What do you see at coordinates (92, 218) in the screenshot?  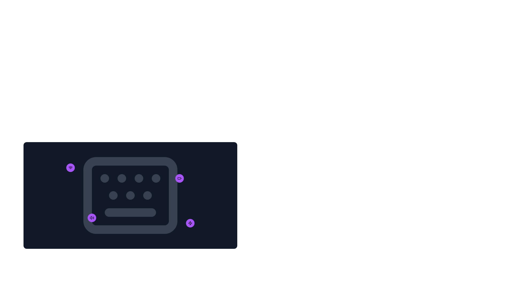 I see `the volume control icon located centrally within its rounded square button` at bounding box center [92, 218].